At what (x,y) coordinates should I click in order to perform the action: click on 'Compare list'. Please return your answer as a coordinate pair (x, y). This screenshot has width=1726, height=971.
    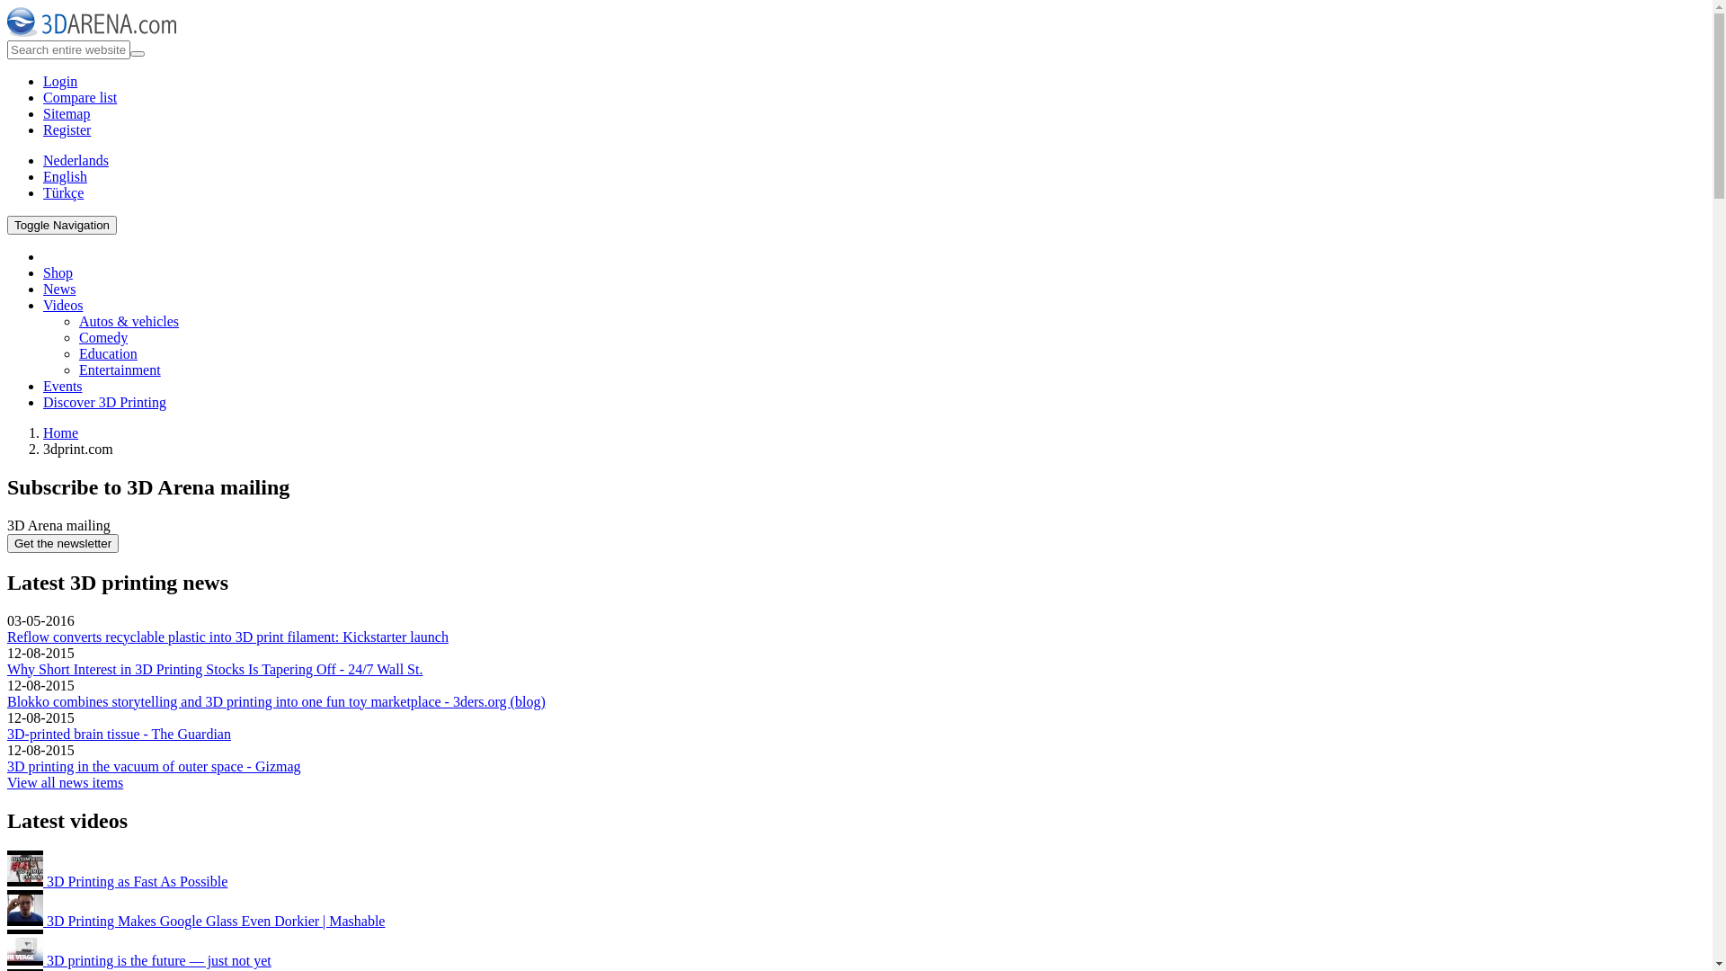
    Looking at the image, I should click on (79, 97).